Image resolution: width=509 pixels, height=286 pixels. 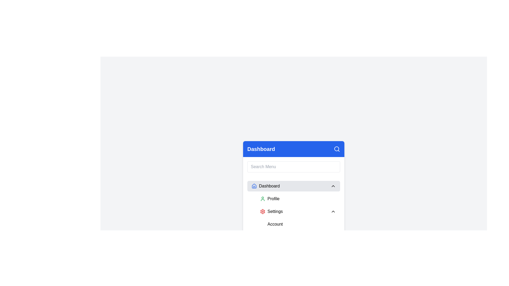 What do you see at coordinates (262, 211) in the screenshot?
I see `the 'Settings' icon located in the sidebar navigation menu` at bounding box center [262, 211].